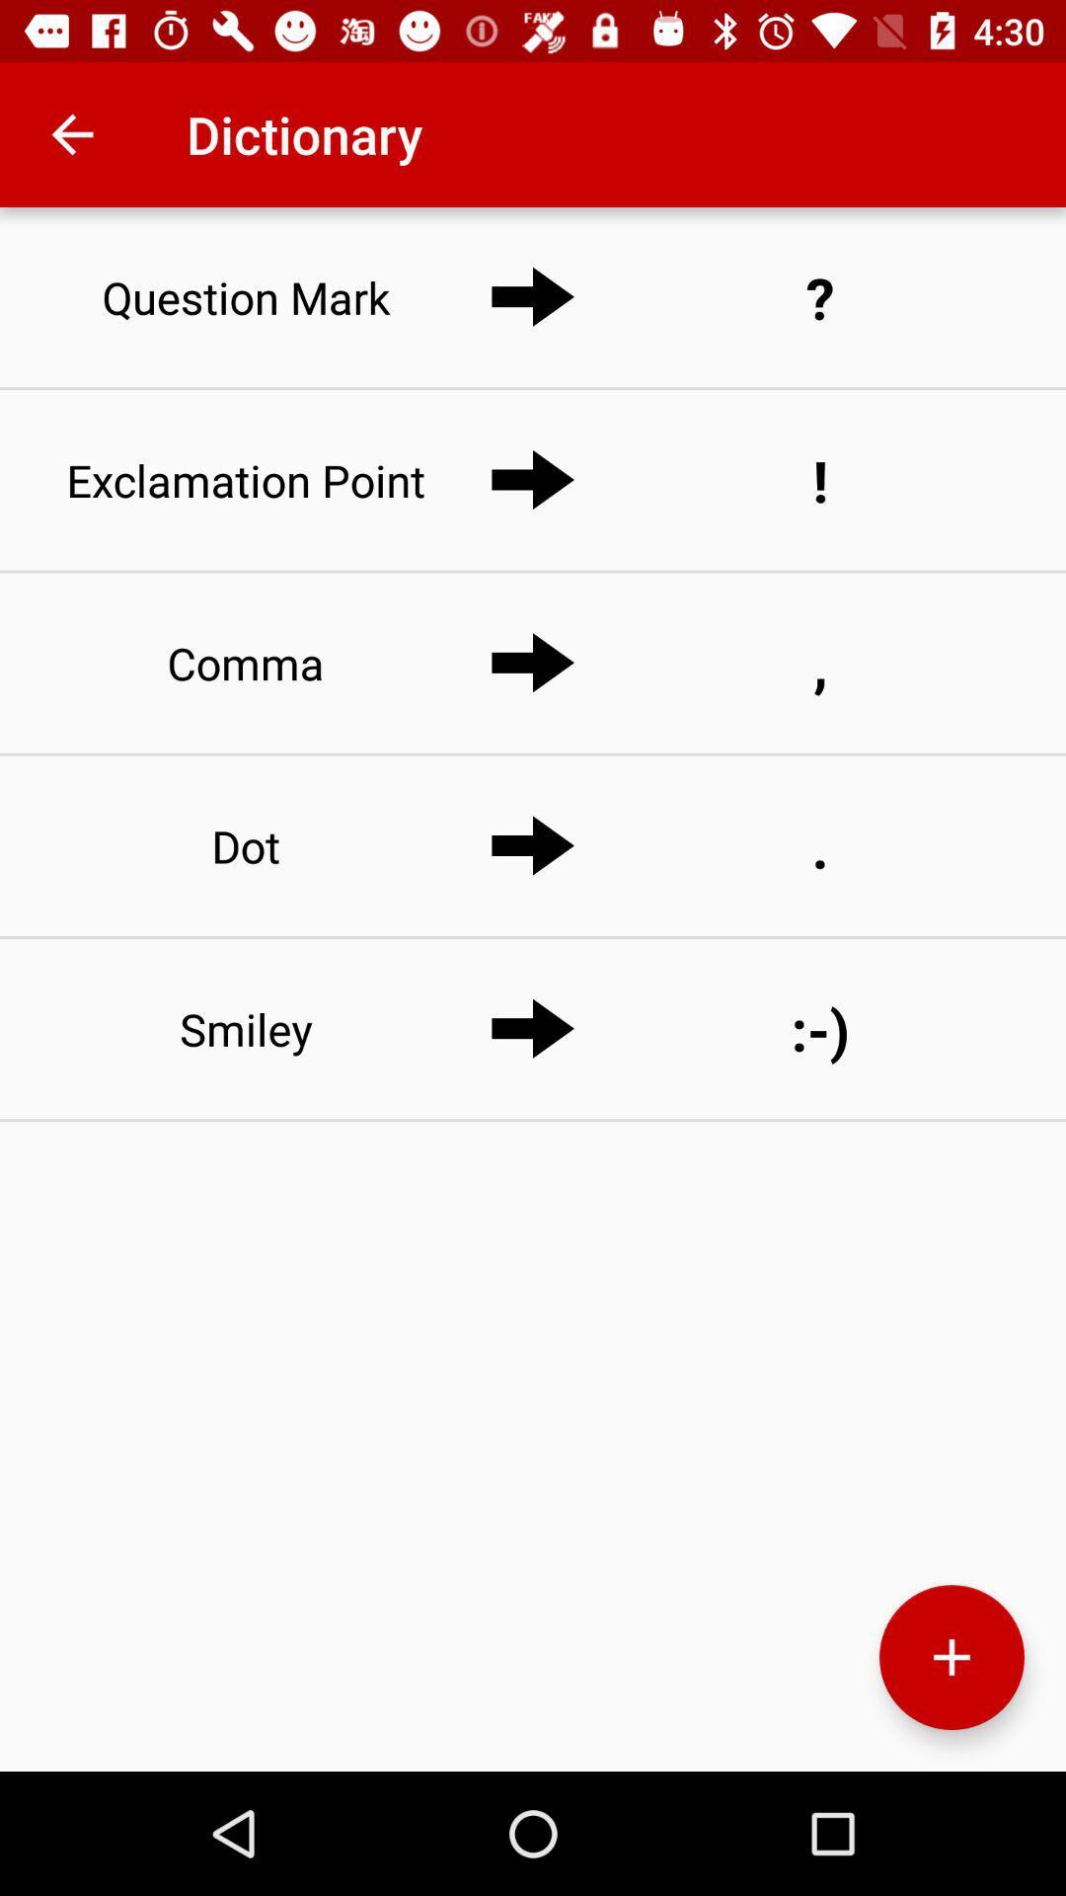  Describe the element at coordinates (951, 1657) in the screenshot. I see `element` at that location.